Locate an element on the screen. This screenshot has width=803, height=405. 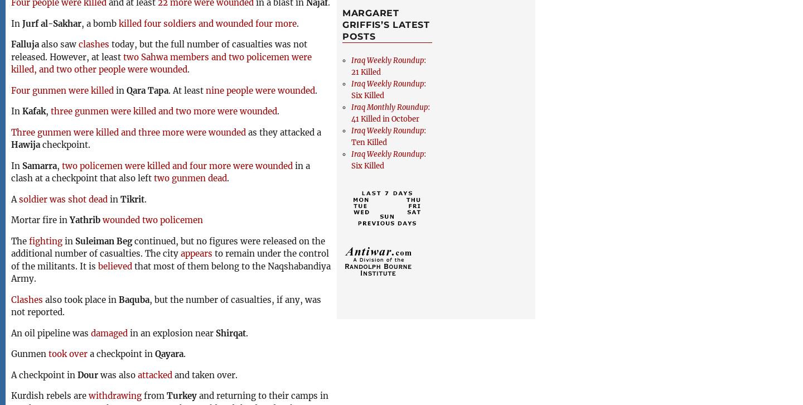
': Ten Killed' is located at coordinates (388, 136).